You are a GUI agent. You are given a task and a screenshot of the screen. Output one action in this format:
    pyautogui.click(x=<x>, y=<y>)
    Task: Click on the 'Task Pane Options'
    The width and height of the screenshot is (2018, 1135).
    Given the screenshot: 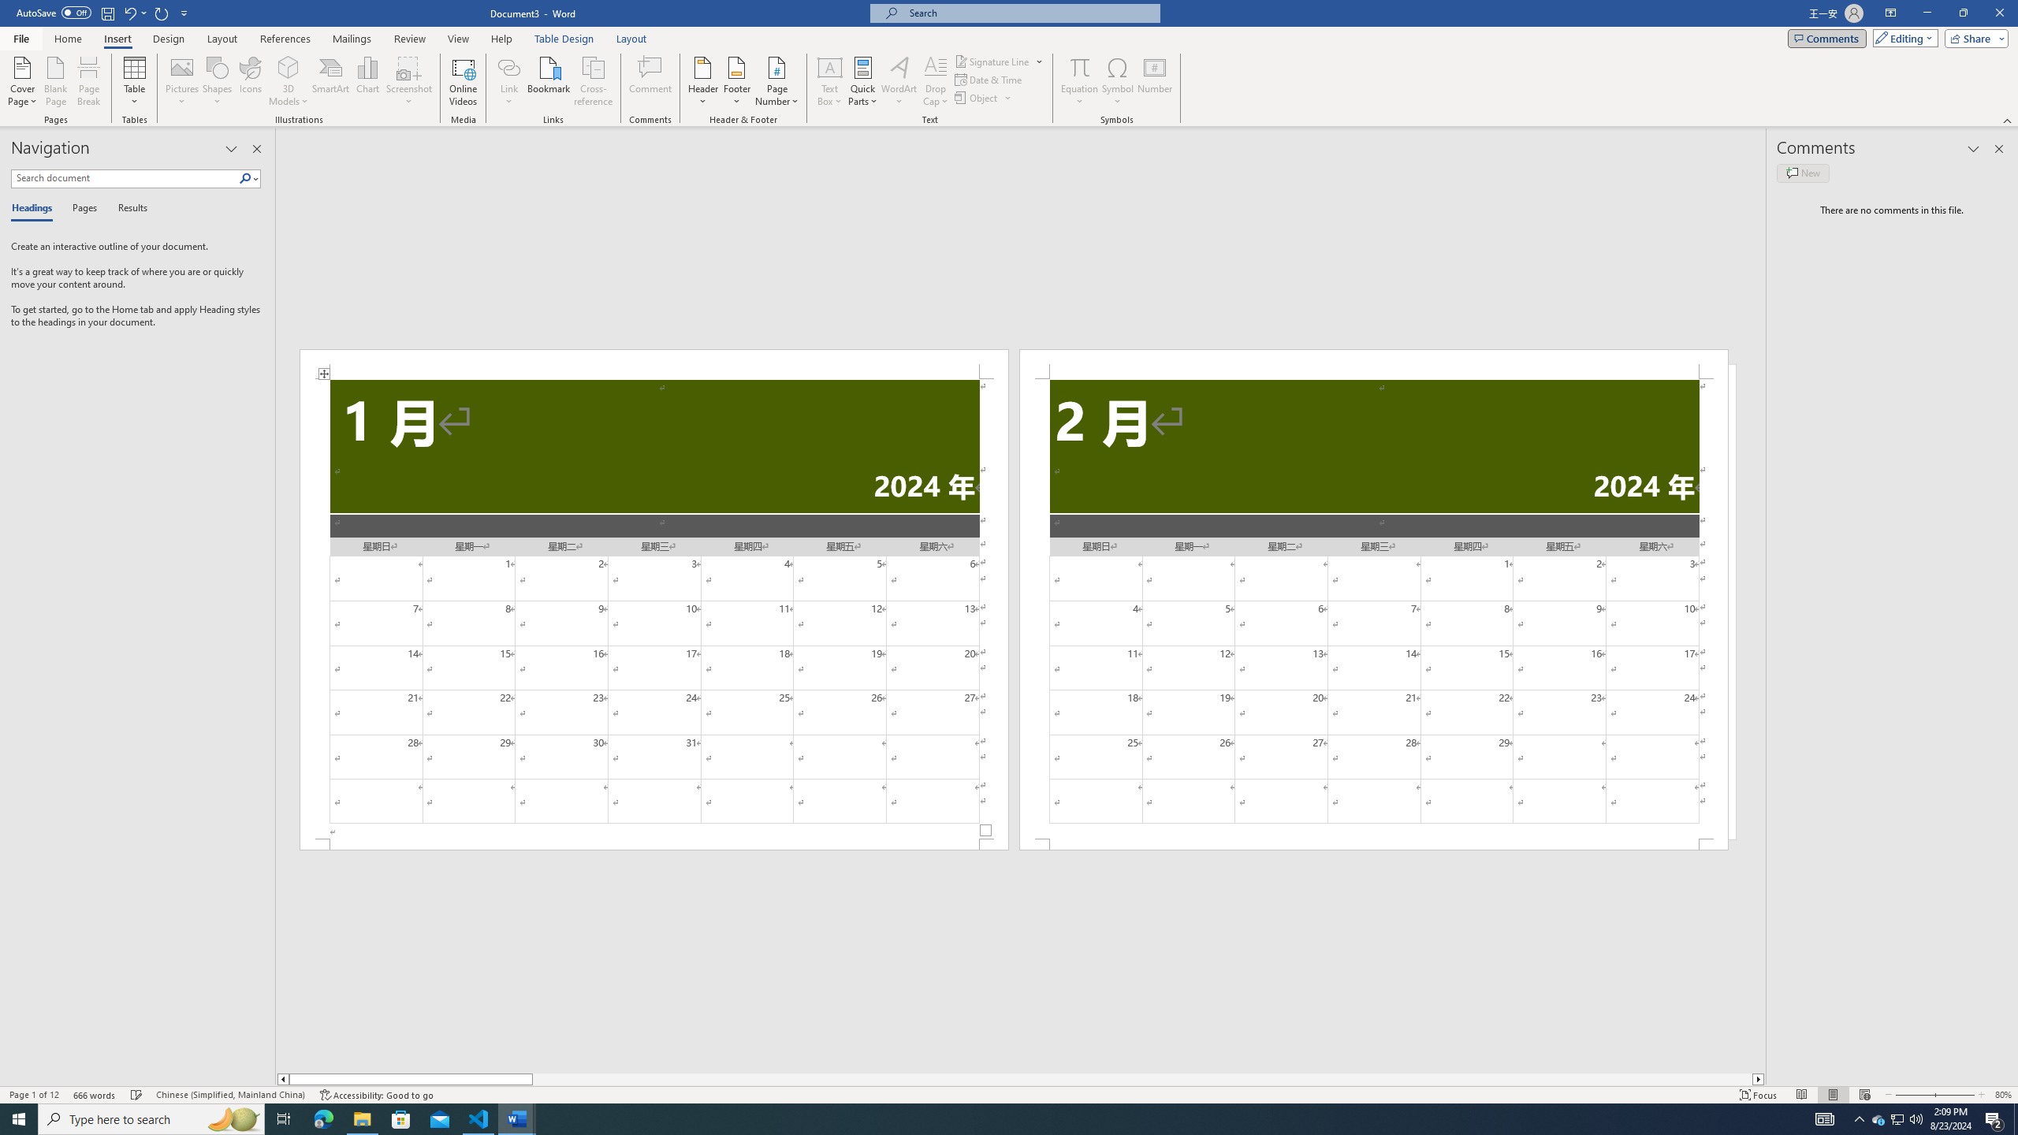 What is the action you would take?
    pyautogui.click(x=231, y=148)
    